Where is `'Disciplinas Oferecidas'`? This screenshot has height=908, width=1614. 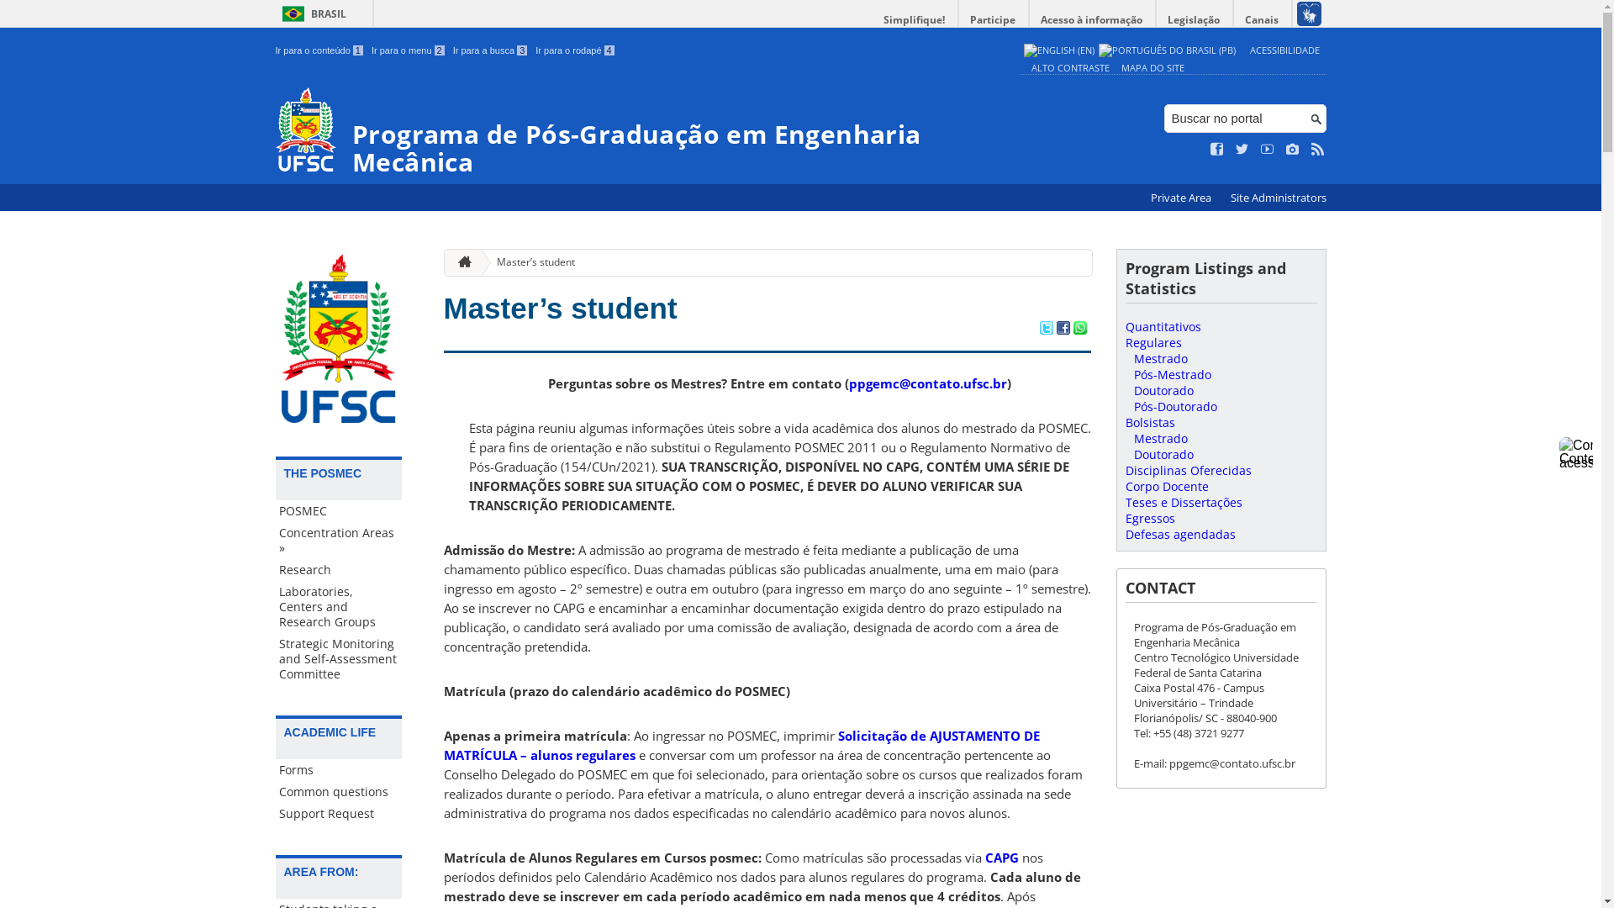
'Disciplinas Oferecidas' is located at coordinates (1186, 470).